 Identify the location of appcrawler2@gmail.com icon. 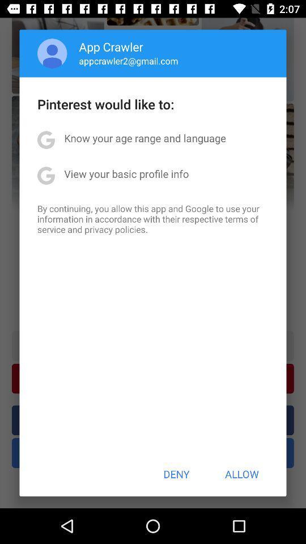
(128, 61).